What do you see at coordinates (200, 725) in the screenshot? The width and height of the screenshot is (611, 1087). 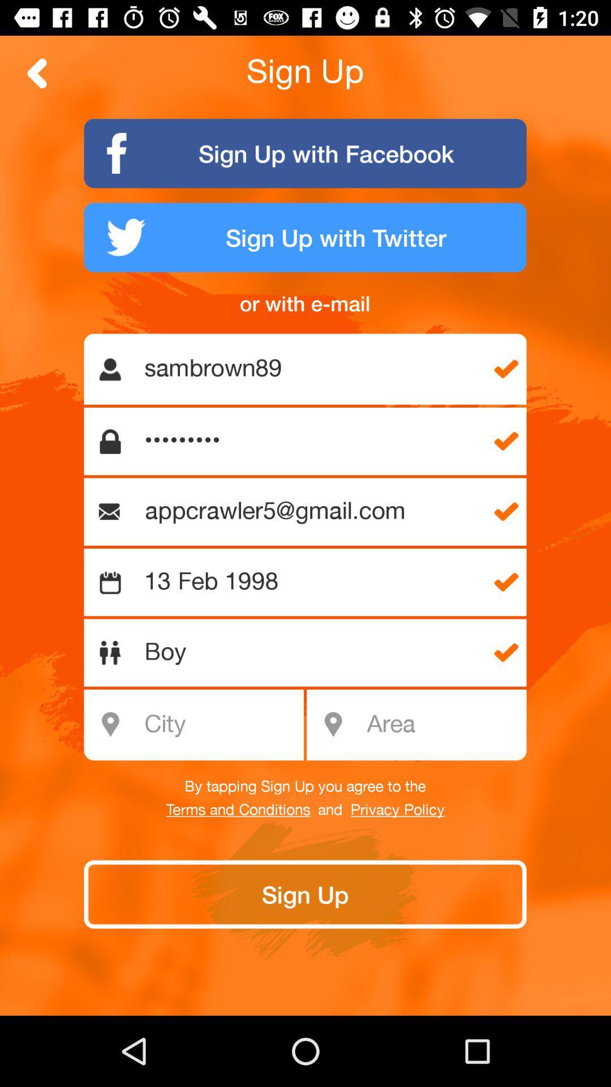 I see `city name` at bounding box center [200, 725].